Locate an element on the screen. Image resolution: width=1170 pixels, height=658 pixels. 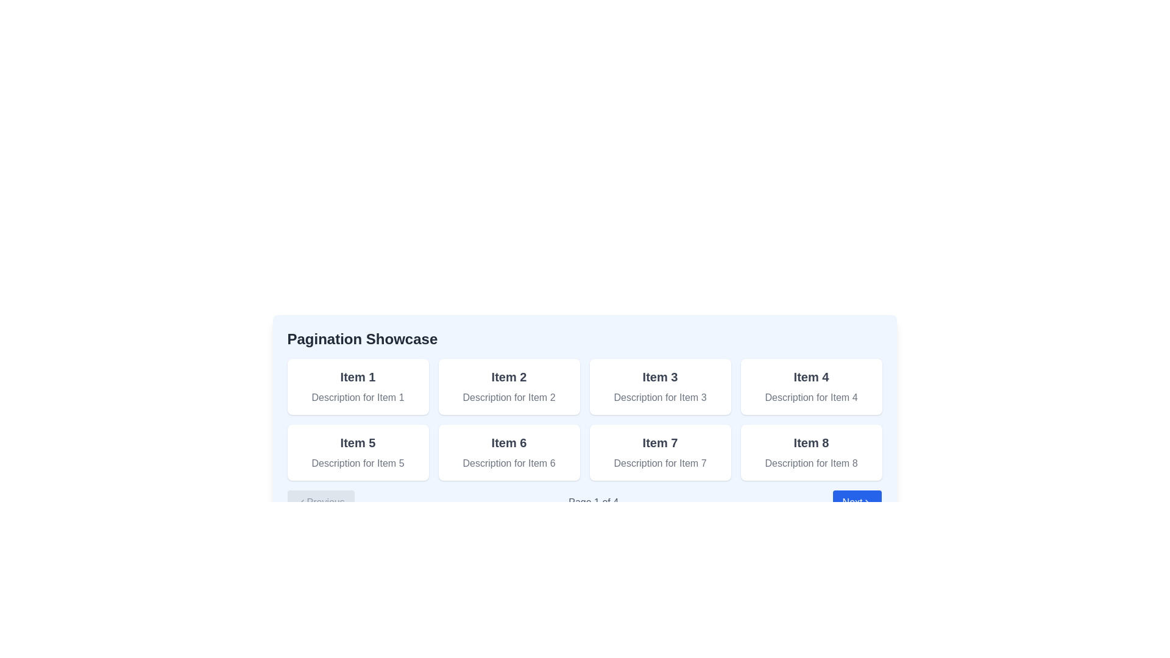
the button located in the bottom-right corner of the pagination control group is located at coordinates (856, 503).